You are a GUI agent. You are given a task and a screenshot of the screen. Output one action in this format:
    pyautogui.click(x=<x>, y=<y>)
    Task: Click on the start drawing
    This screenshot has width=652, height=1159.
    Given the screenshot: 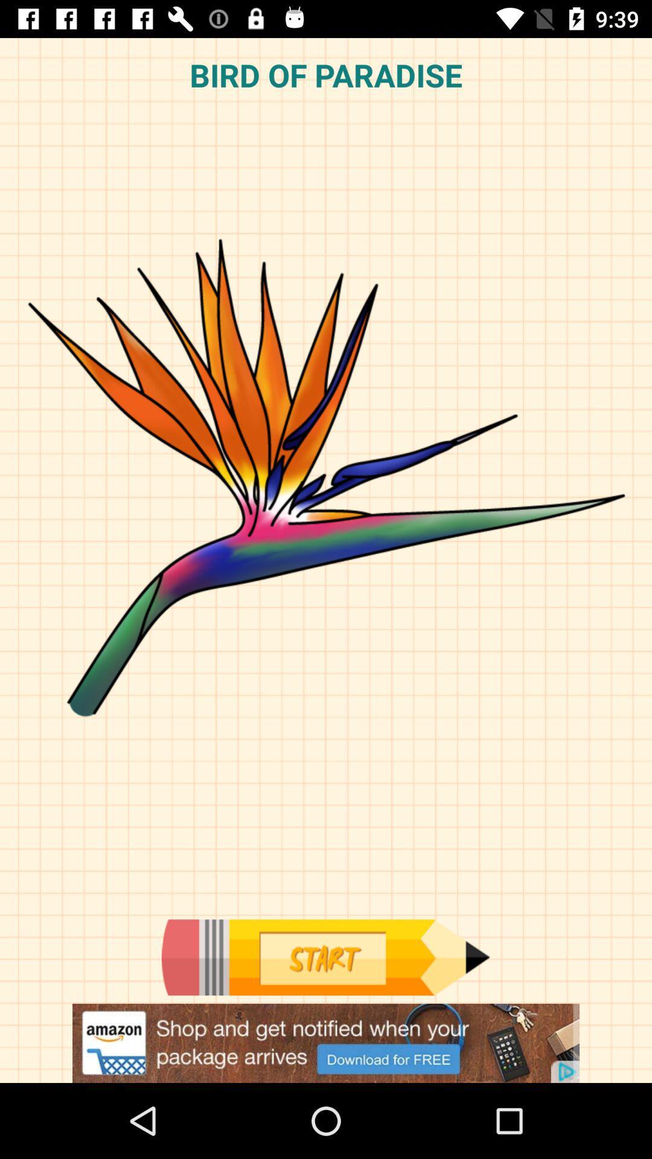 What is the action you would take?
    pyautogui.click(x=325, y=957)
    